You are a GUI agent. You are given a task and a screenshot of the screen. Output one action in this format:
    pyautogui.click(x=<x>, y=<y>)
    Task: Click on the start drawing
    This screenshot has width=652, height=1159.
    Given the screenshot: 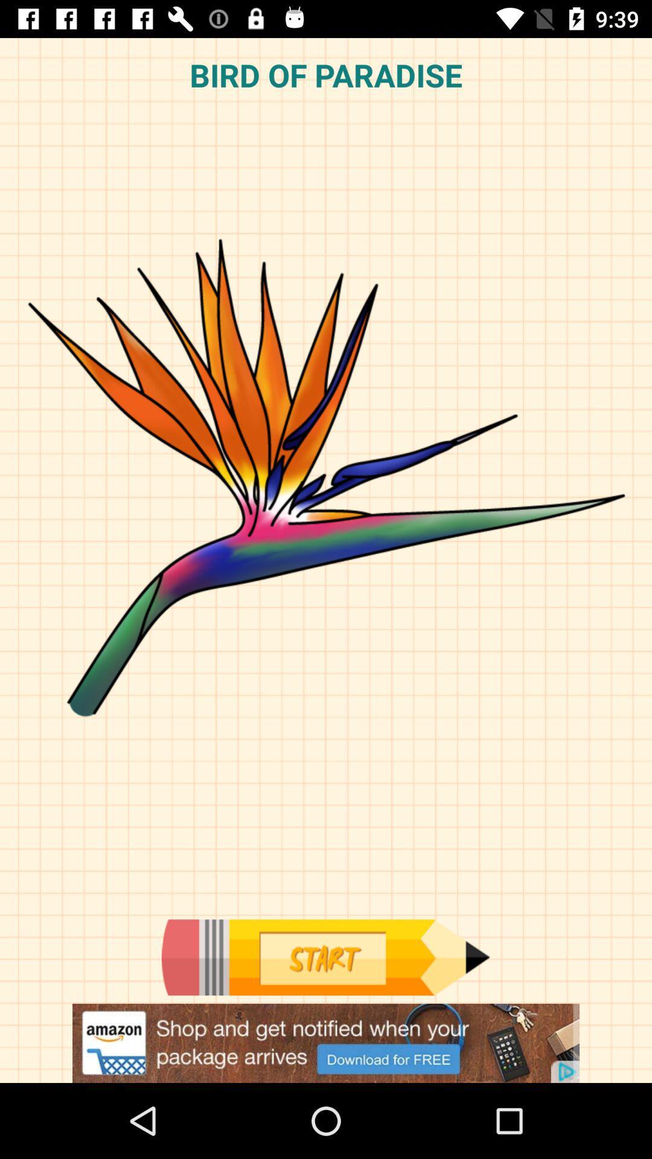 What is the action you would take?
    pyautogui.click(x=325, y=957)
    